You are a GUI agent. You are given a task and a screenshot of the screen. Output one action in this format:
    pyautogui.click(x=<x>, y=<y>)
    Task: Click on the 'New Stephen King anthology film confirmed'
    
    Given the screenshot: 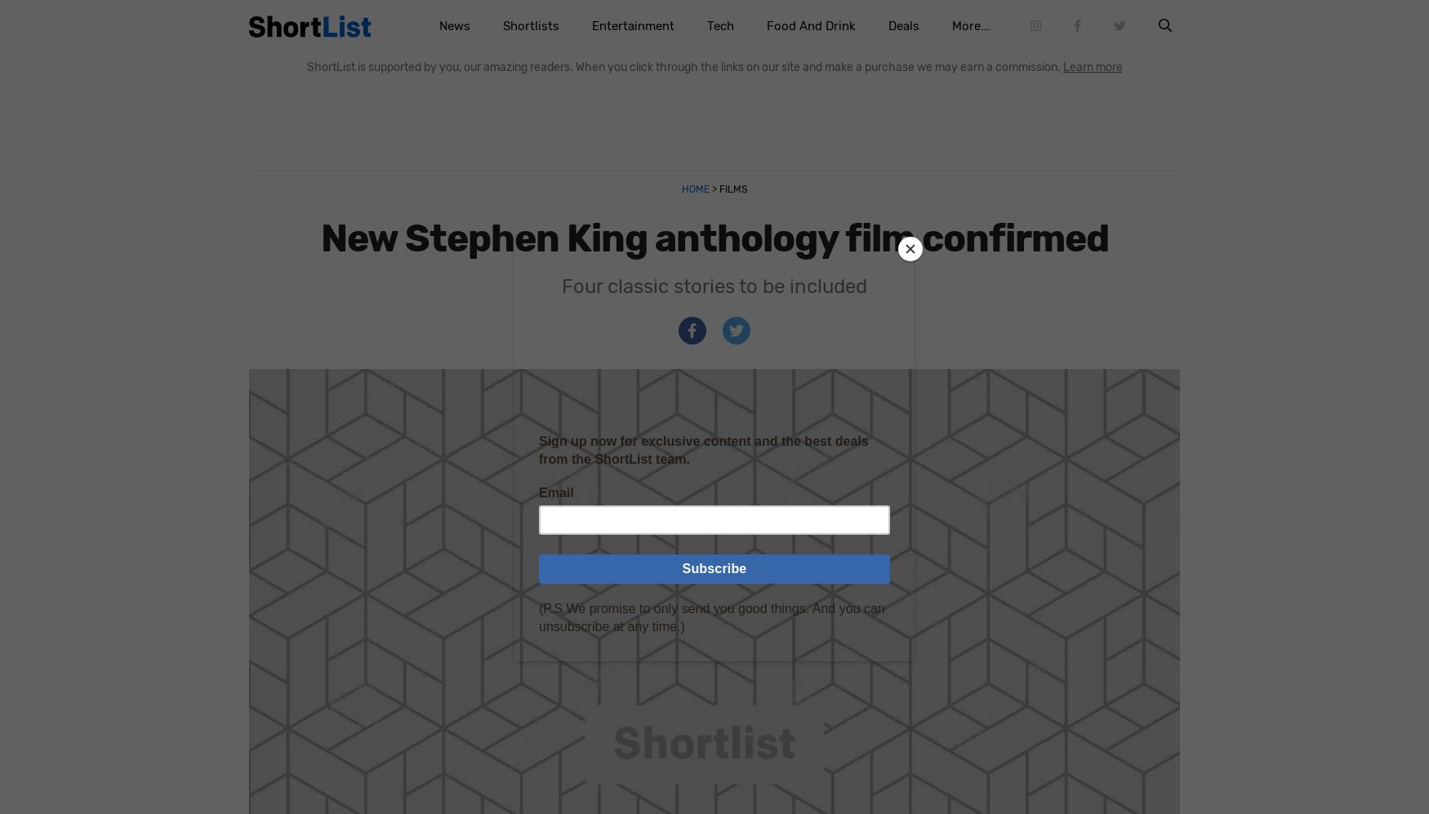 What is the action you would take?
    pyautogui.click(x=714, y=238)
    